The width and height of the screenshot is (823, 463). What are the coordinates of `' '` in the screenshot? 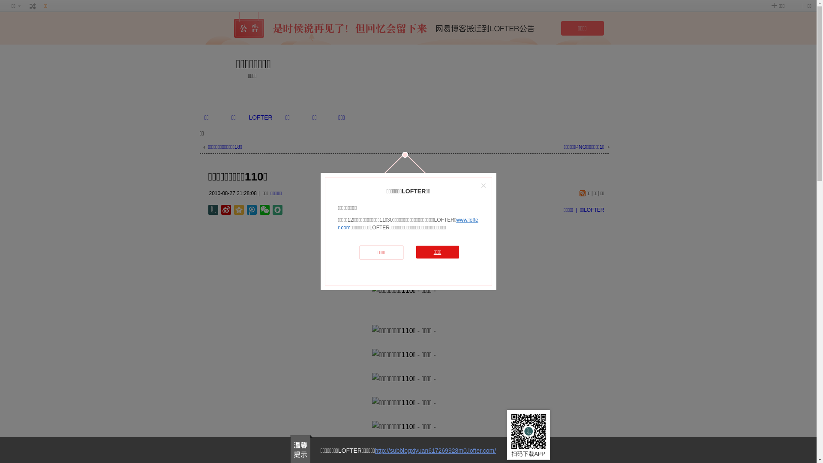 It's located at (33, 6).